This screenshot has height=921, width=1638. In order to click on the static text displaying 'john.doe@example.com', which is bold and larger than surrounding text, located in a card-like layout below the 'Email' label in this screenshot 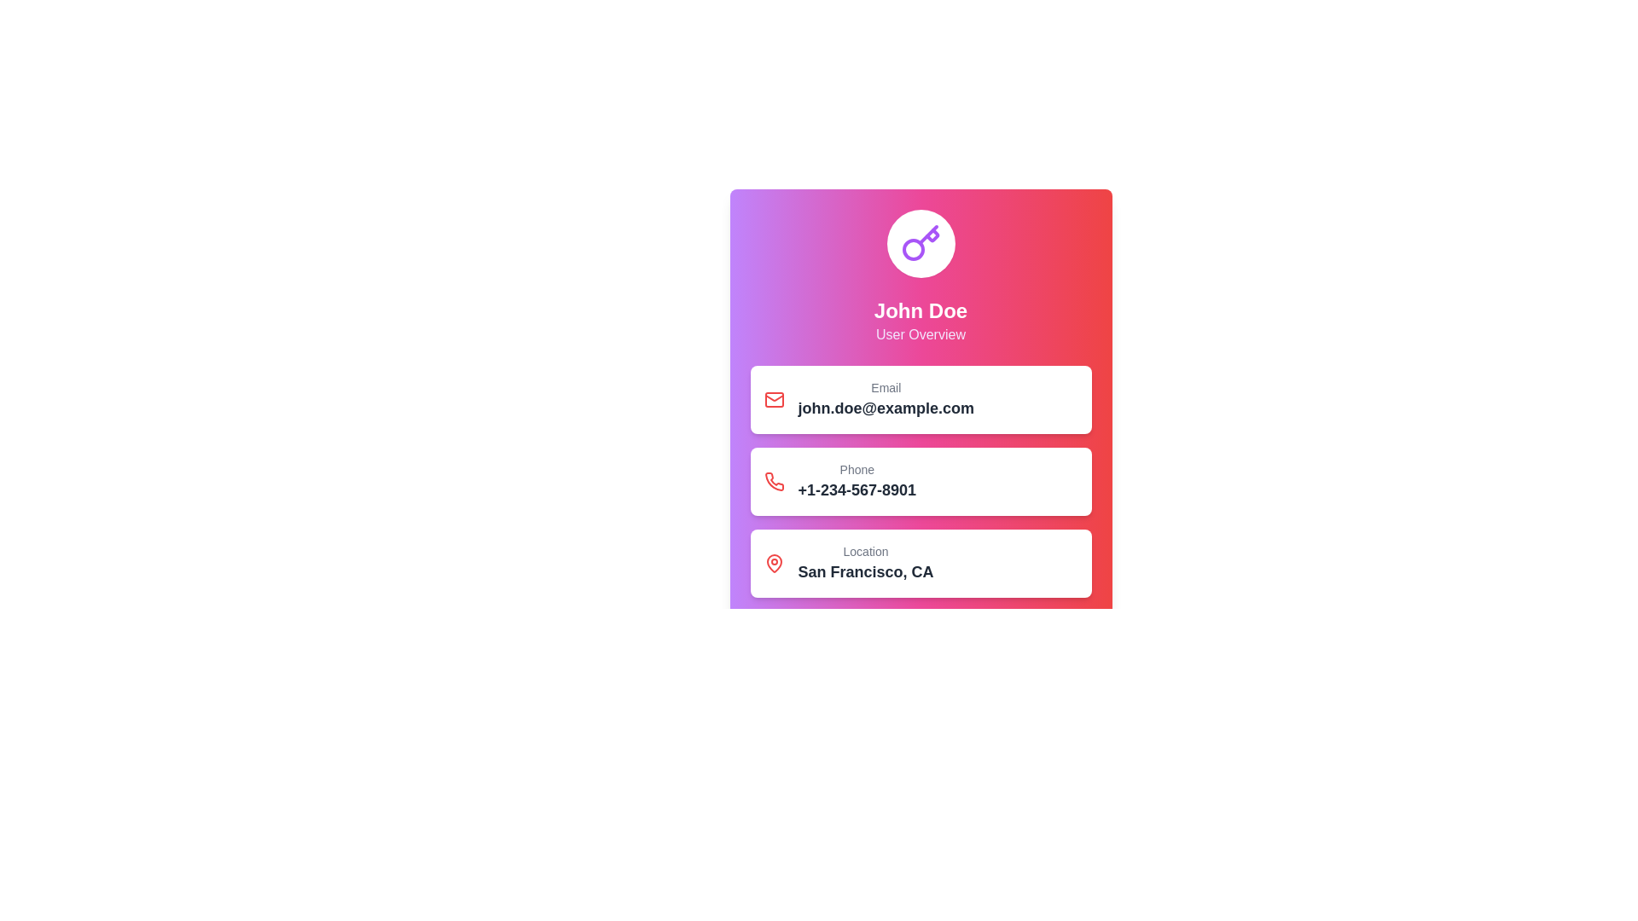, I will do `click(886, 408)`.